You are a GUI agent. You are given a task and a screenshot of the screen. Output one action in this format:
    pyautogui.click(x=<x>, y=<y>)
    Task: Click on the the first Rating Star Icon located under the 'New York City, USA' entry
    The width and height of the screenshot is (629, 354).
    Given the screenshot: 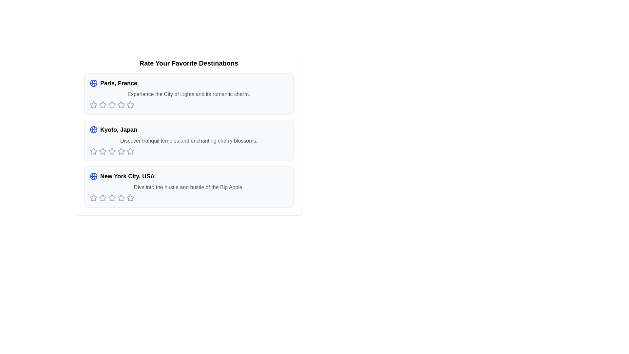 What is the action you would take?
    pyautogui.click(x=102, y=197)
    